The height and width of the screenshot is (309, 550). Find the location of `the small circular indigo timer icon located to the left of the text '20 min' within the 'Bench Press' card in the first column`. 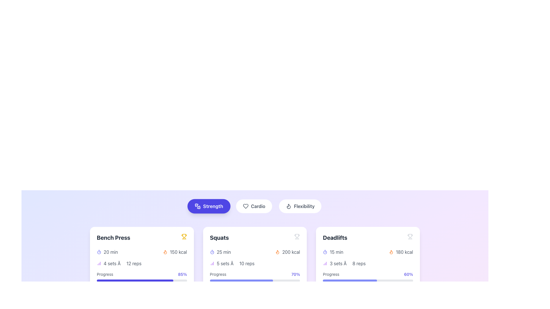

the small circular indigo timer icon located to the left of the text '20 min' within the 'Bench Press' card in the first column is located at coordinates (99, 251).